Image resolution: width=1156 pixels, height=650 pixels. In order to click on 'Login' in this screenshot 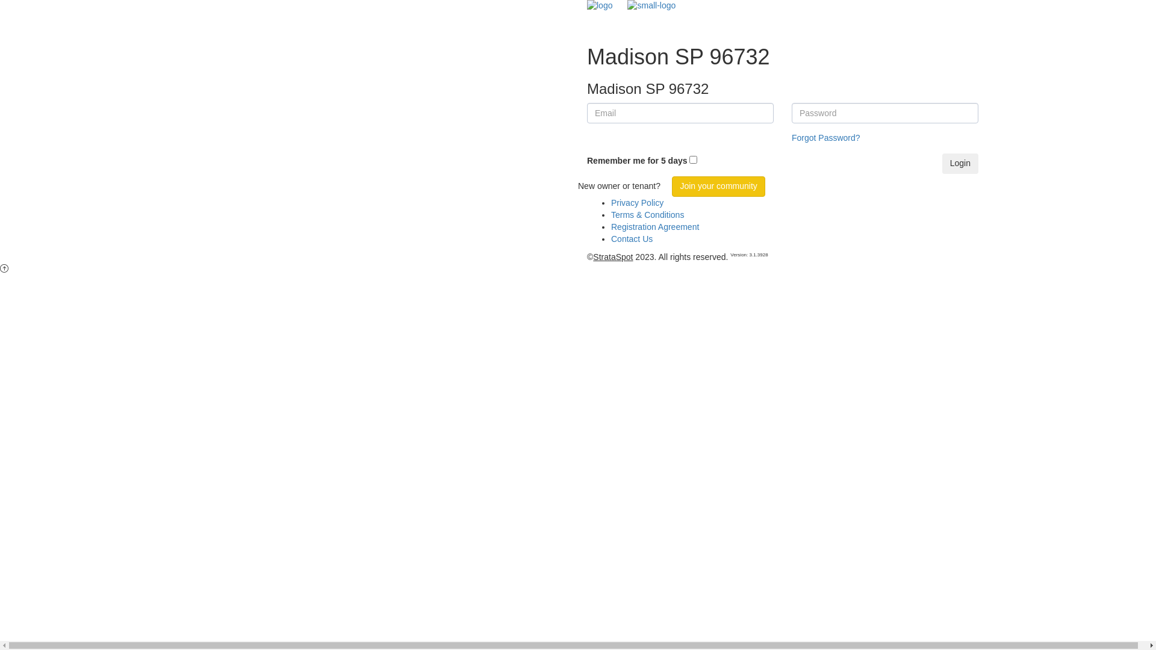, I will do `click(959, 164)`.